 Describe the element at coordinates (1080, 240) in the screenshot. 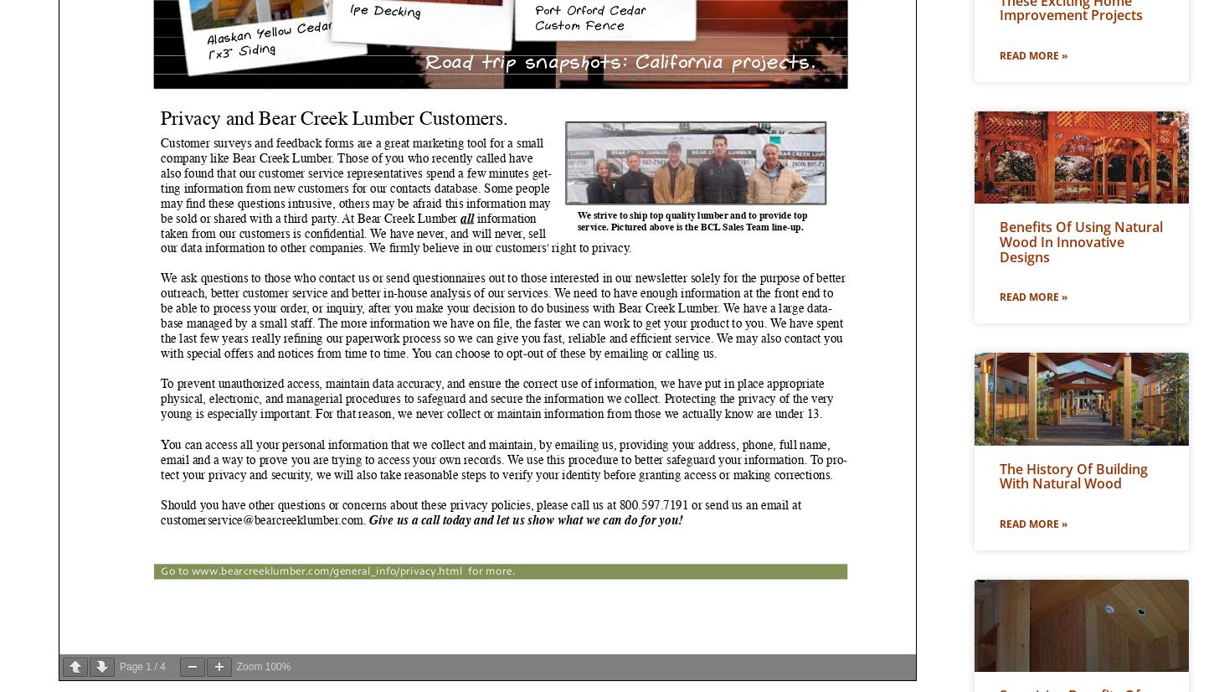

I see `'Benefits of Using Natural Wood In Innovative Designs'` at that location.